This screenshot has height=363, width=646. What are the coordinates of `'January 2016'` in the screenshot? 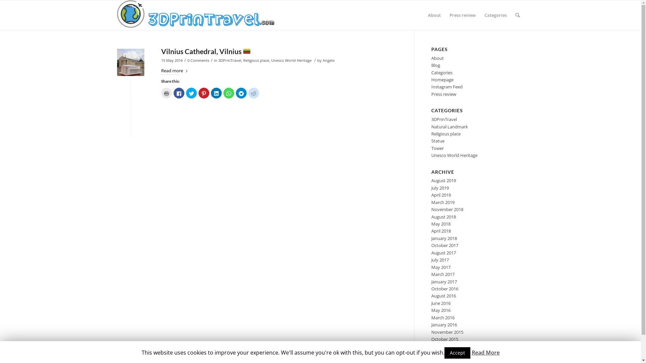 It's located at (444, 324).